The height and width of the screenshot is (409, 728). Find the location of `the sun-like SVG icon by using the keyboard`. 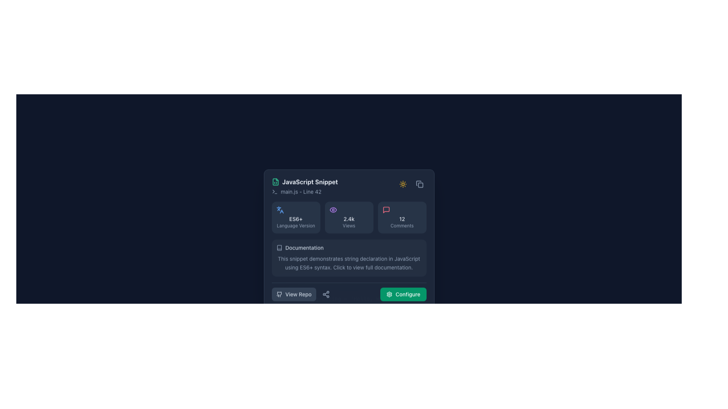

the sun-like SVG icon by using the keyboard is located at coordinates (402, 184).